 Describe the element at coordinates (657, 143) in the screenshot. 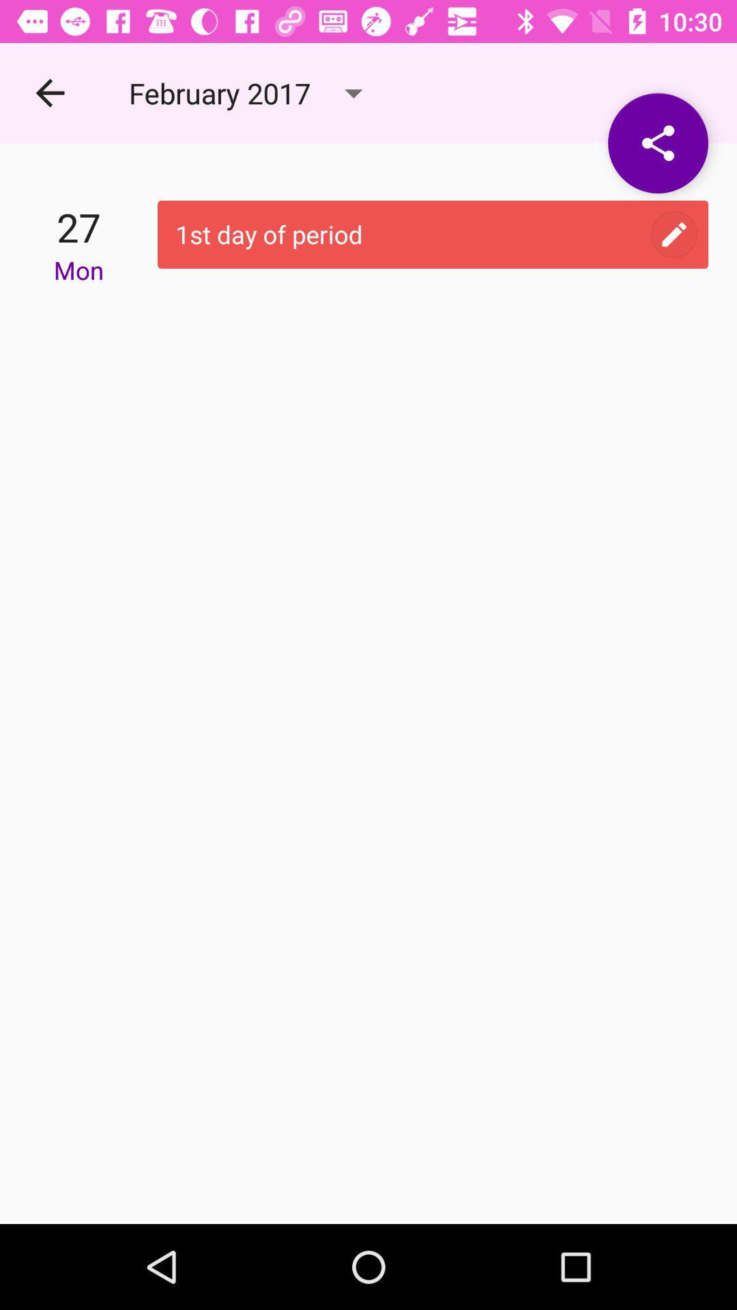

I see `share the articles` at that location.